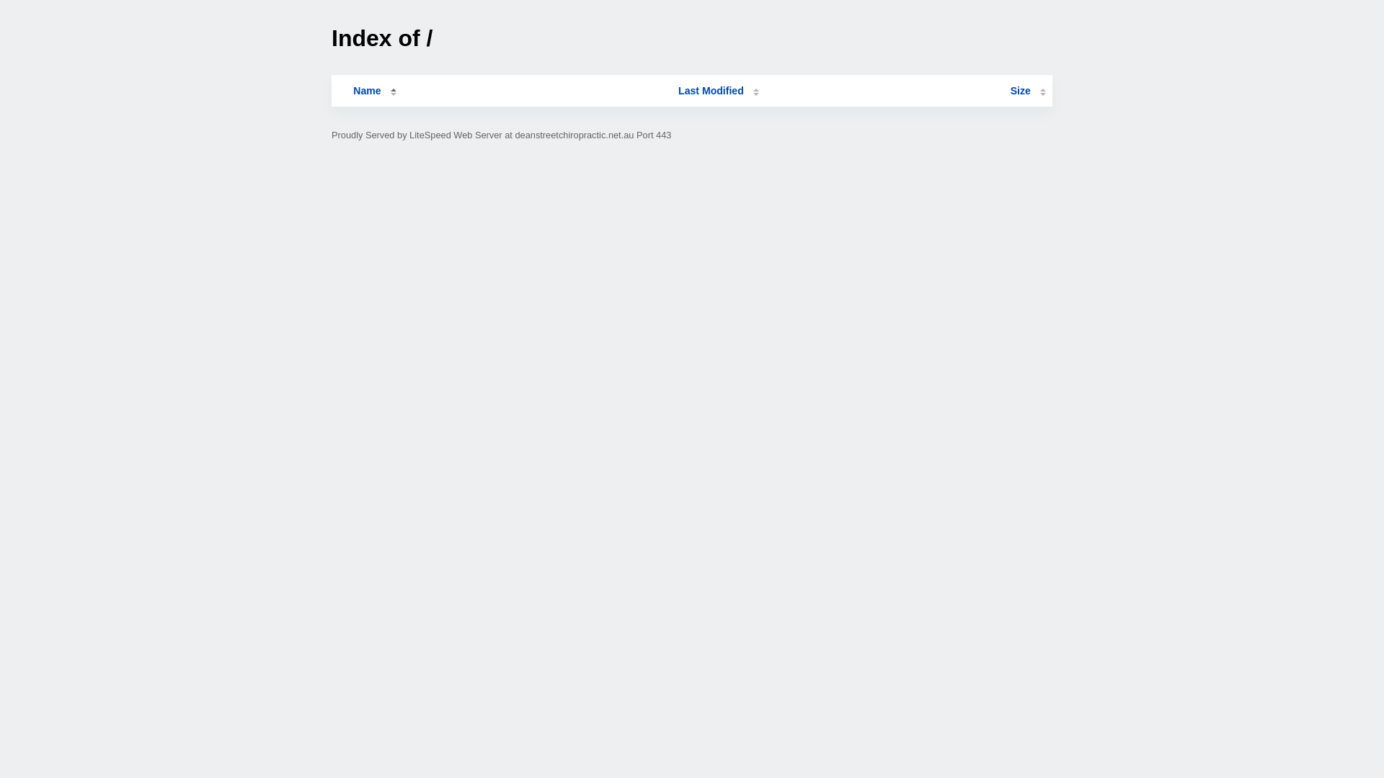 This screenshot has width=1384, height=778. Describe the element at coordinates (366, 91) in the screenshot. I see `'Name'` at that location.